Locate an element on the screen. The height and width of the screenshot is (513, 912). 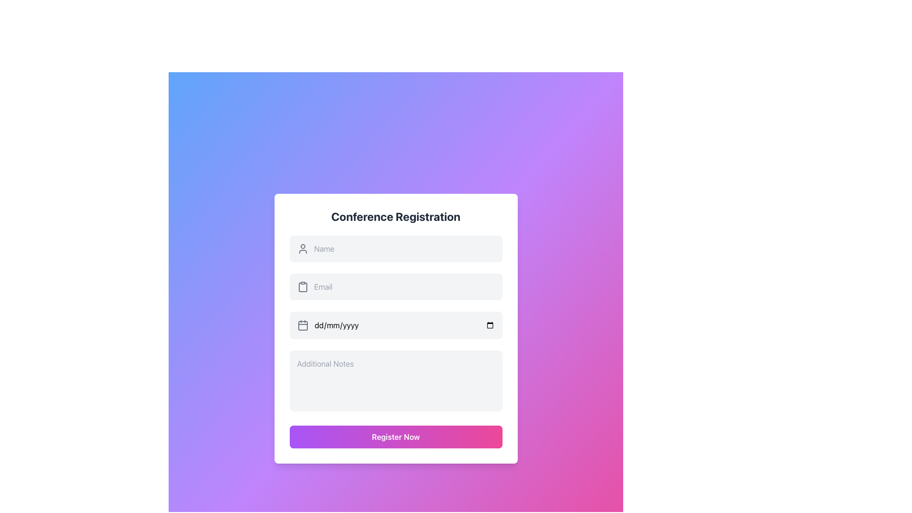
the prominently displayed title 'Conference Registration' which is styled in a bold and large font, located at the top of the card interface is located at coordinates (396, 216).